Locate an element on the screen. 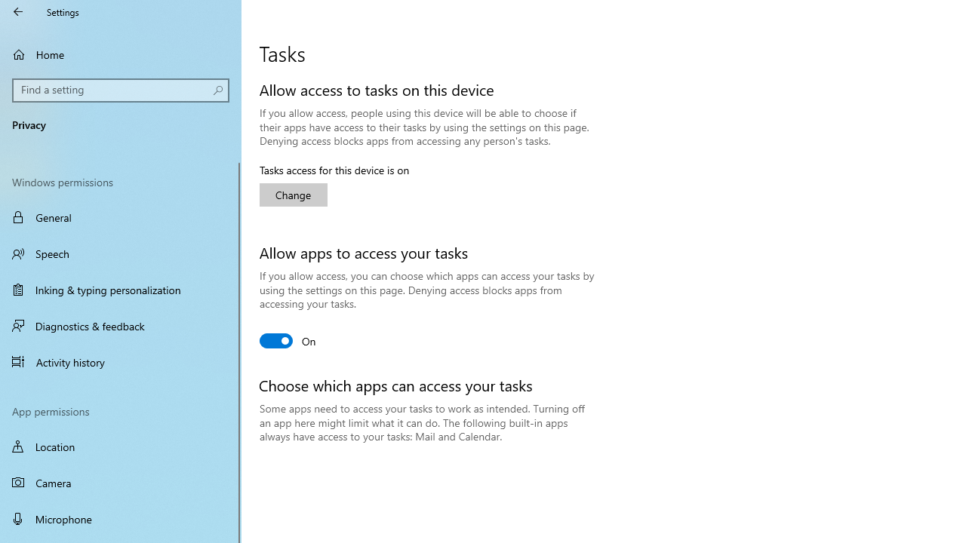  'Microphone' is located at coordinates (121, 517).